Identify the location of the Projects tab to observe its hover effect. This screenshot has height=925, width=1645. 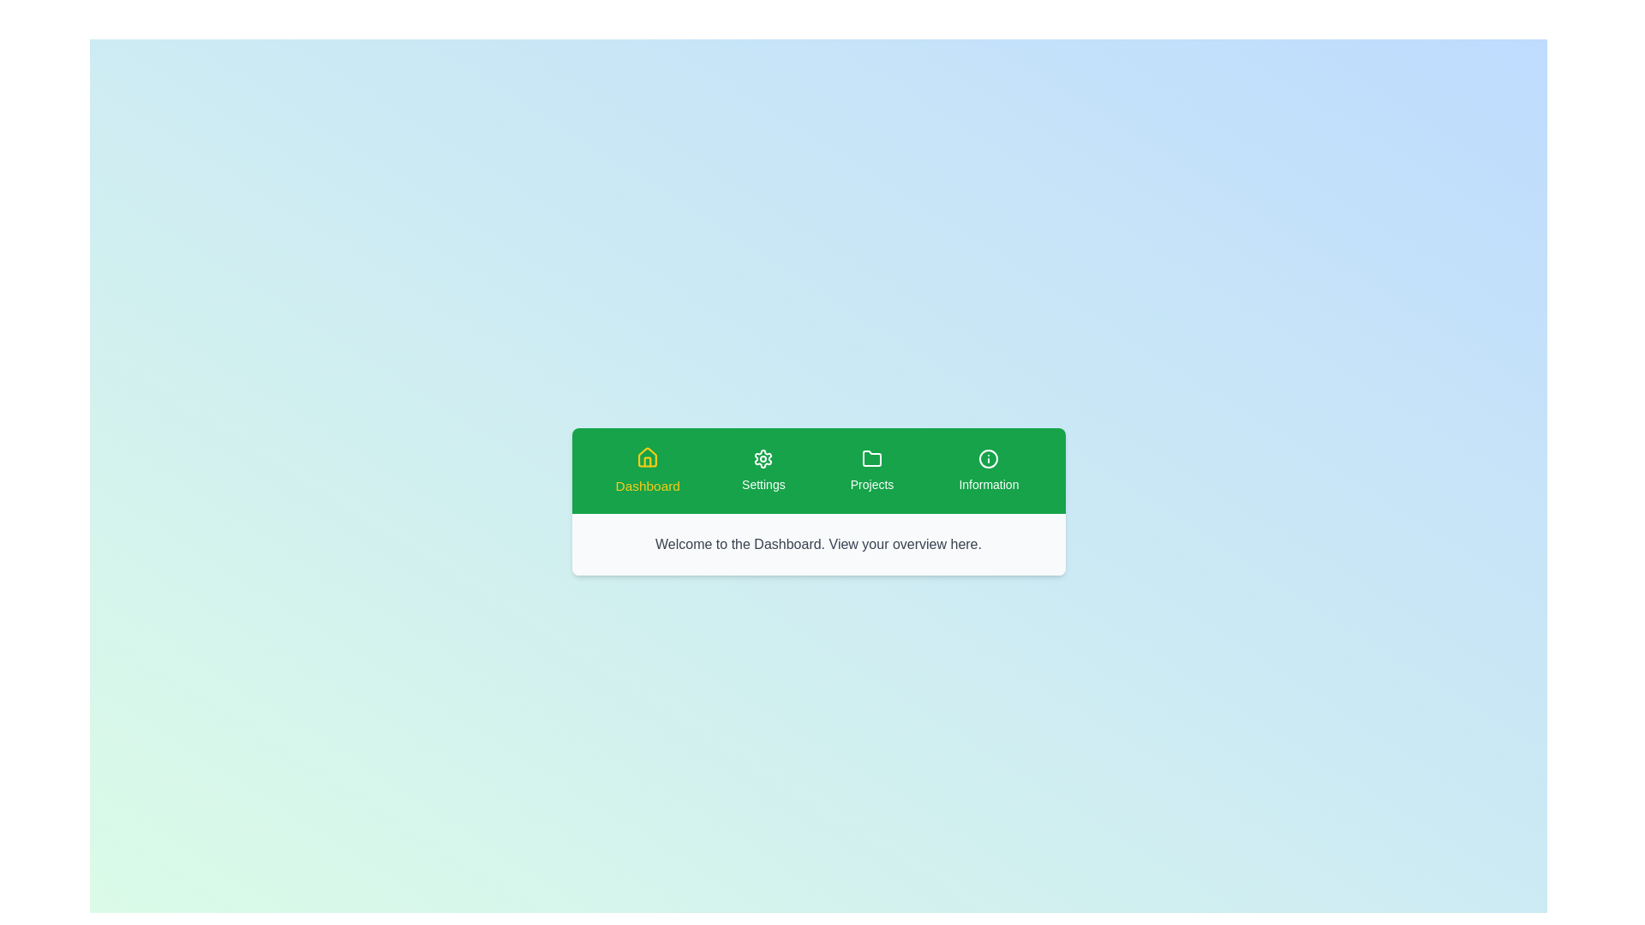
(871, 471).